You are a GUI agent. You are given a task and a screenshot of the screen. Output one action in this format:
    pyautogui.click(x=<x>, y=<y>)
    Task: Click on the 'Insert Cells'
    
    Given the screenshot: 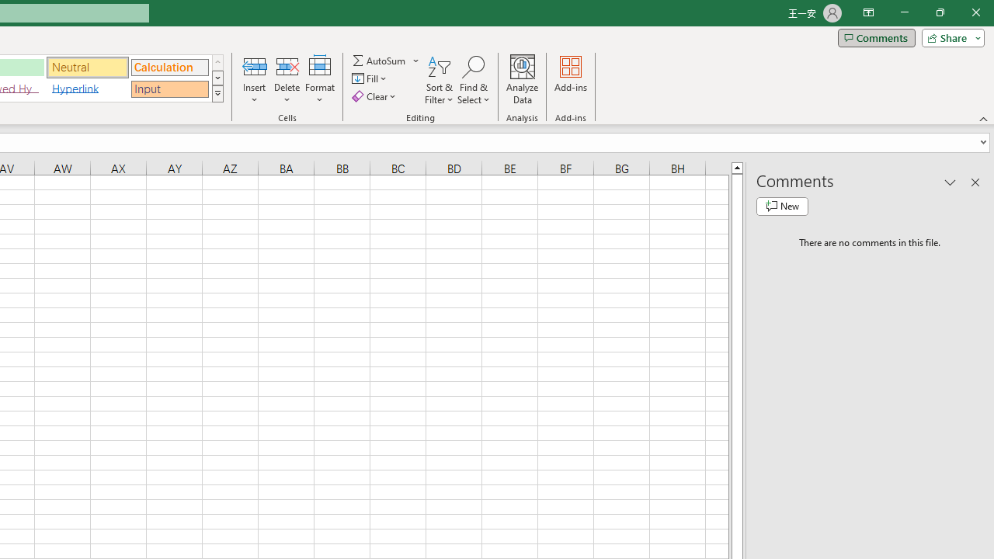 What is the action you would take?
    pyautogui.click(x=255, y=65)
    